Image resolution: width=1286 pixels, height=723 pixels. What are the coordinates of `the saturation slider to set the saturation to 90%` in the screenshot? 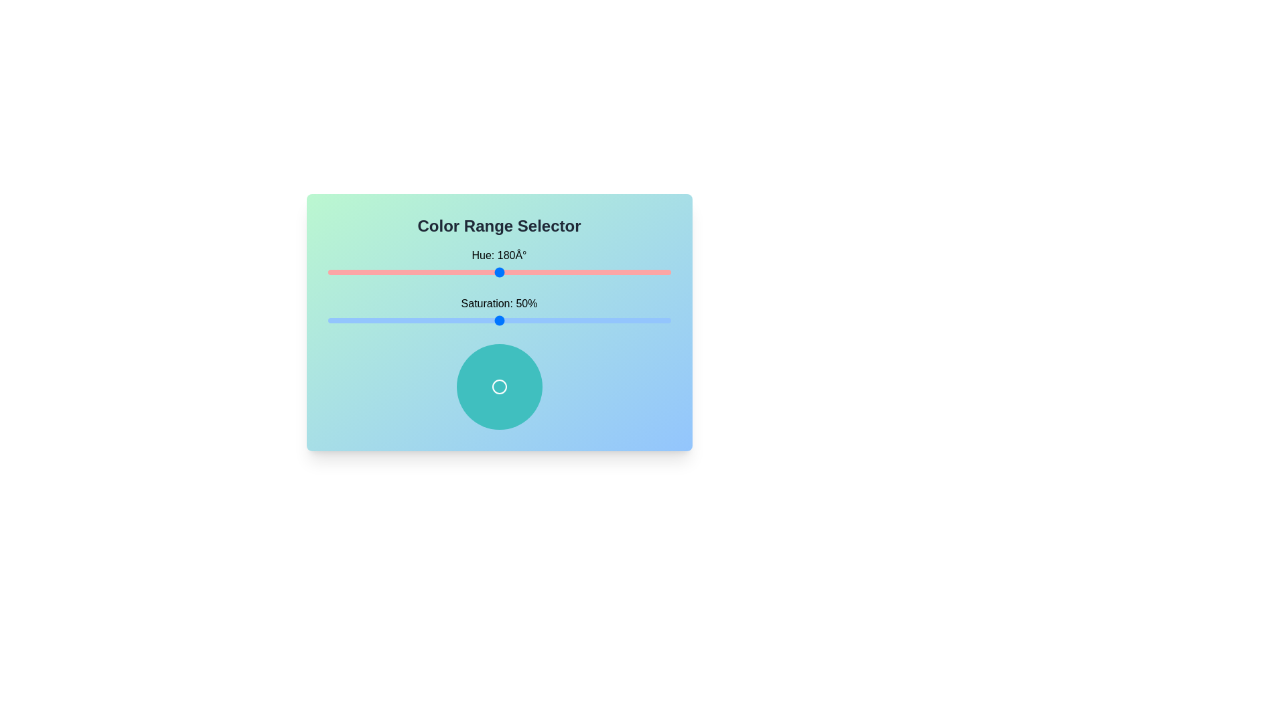 It's located at (636, 320).